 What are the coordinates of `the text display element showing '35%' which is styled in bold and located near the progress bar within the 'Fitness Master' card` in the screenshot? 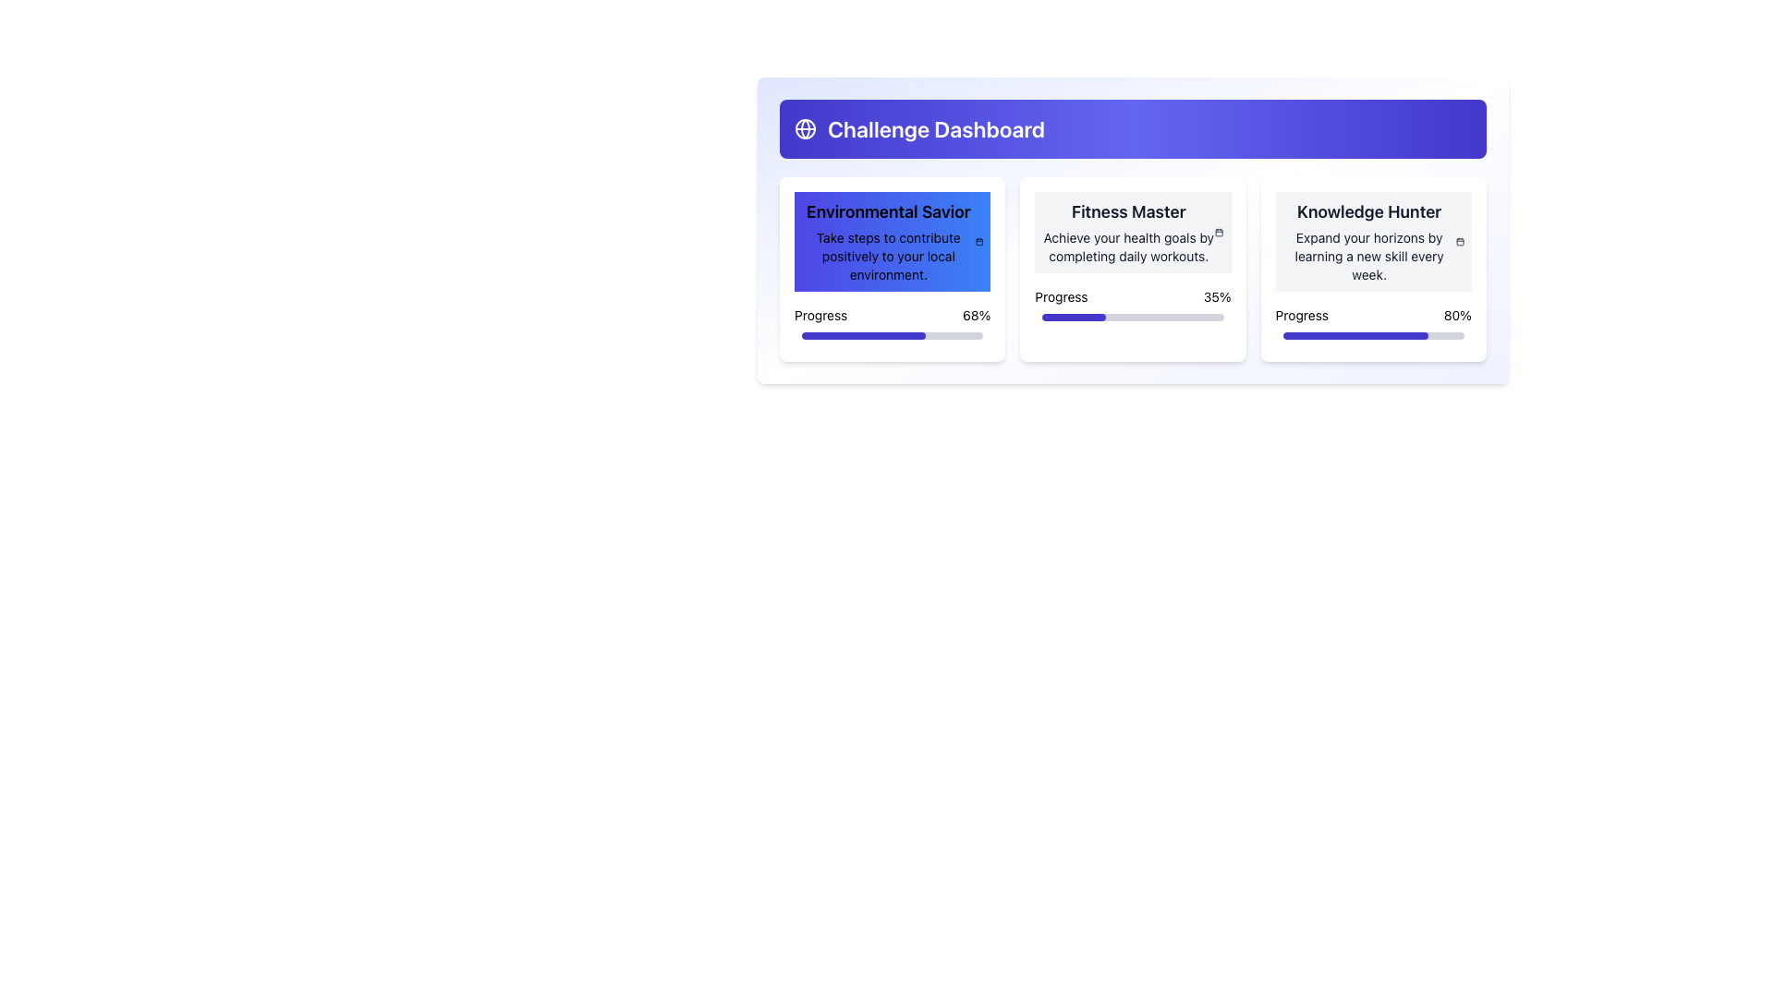 It's located at (1217, 295).